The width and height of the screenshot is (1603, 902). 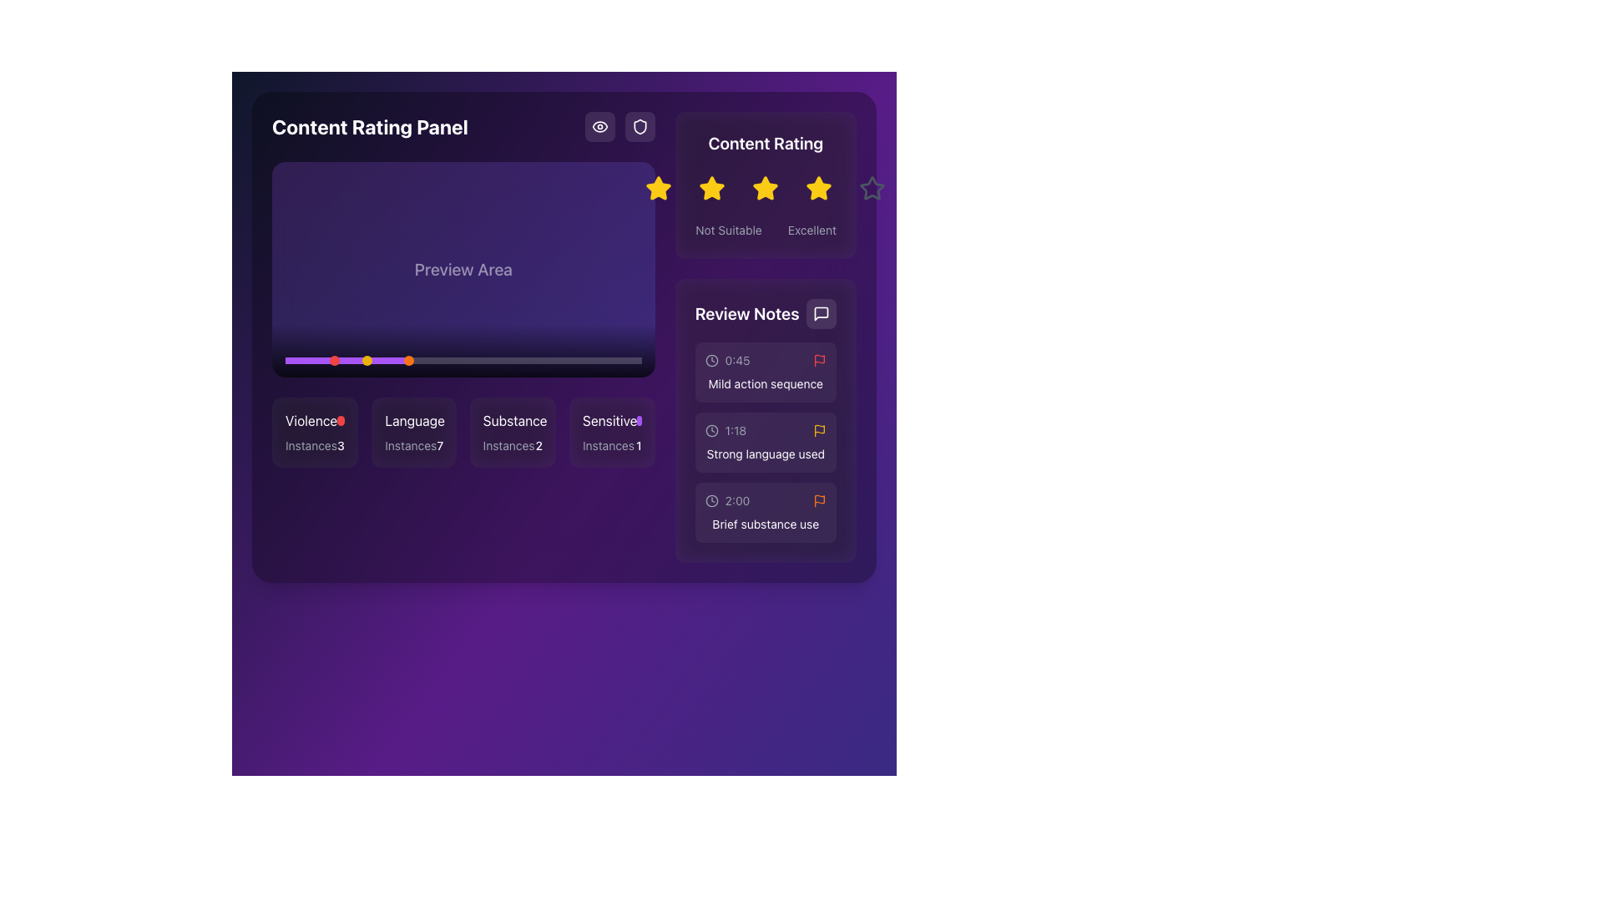 What do you see at coordinates (735, 430) in the screenshot?
I see `the second timestamp indicator located within the 'Review Notes' section, positioned below the '0:45' timestamp and above the '2:00' timestamp` at bounding box center [735, 430].